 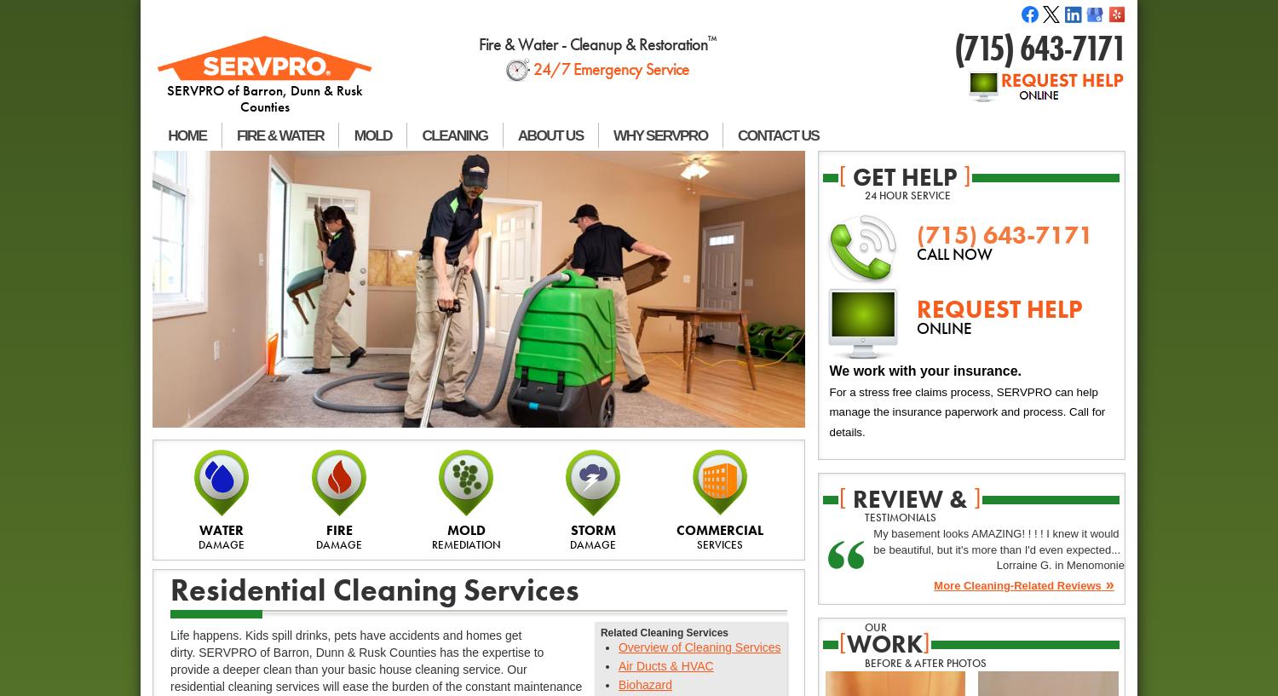 I want to click on 'CALL NOW', so click(x=953, y=255).